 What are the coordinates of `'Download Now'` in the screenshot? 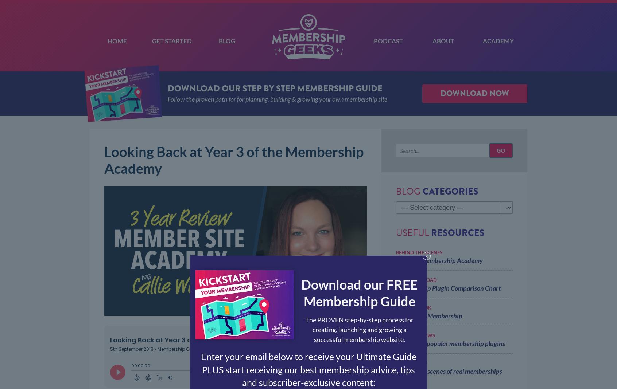 It's located at (474, 93).